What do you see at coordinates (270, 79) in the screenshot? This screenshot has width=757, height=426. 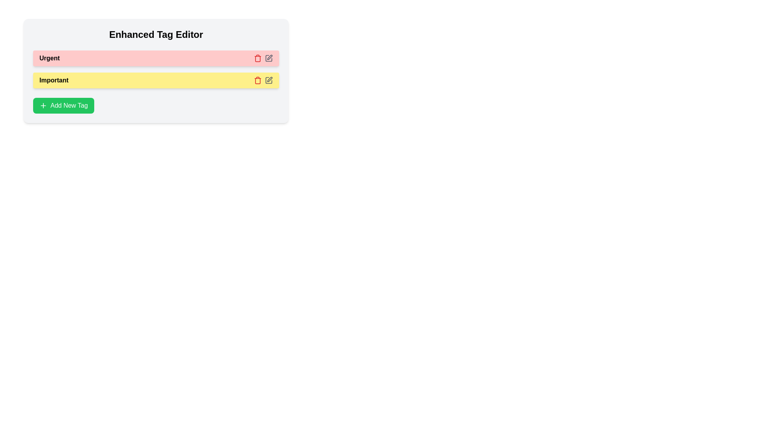 I see `the vector graphic icon located in the top-right corner of the yellow-highlighted 'Important' tag, which indicates editing functionality for the associated tag item` at bounding box center [270, 79].